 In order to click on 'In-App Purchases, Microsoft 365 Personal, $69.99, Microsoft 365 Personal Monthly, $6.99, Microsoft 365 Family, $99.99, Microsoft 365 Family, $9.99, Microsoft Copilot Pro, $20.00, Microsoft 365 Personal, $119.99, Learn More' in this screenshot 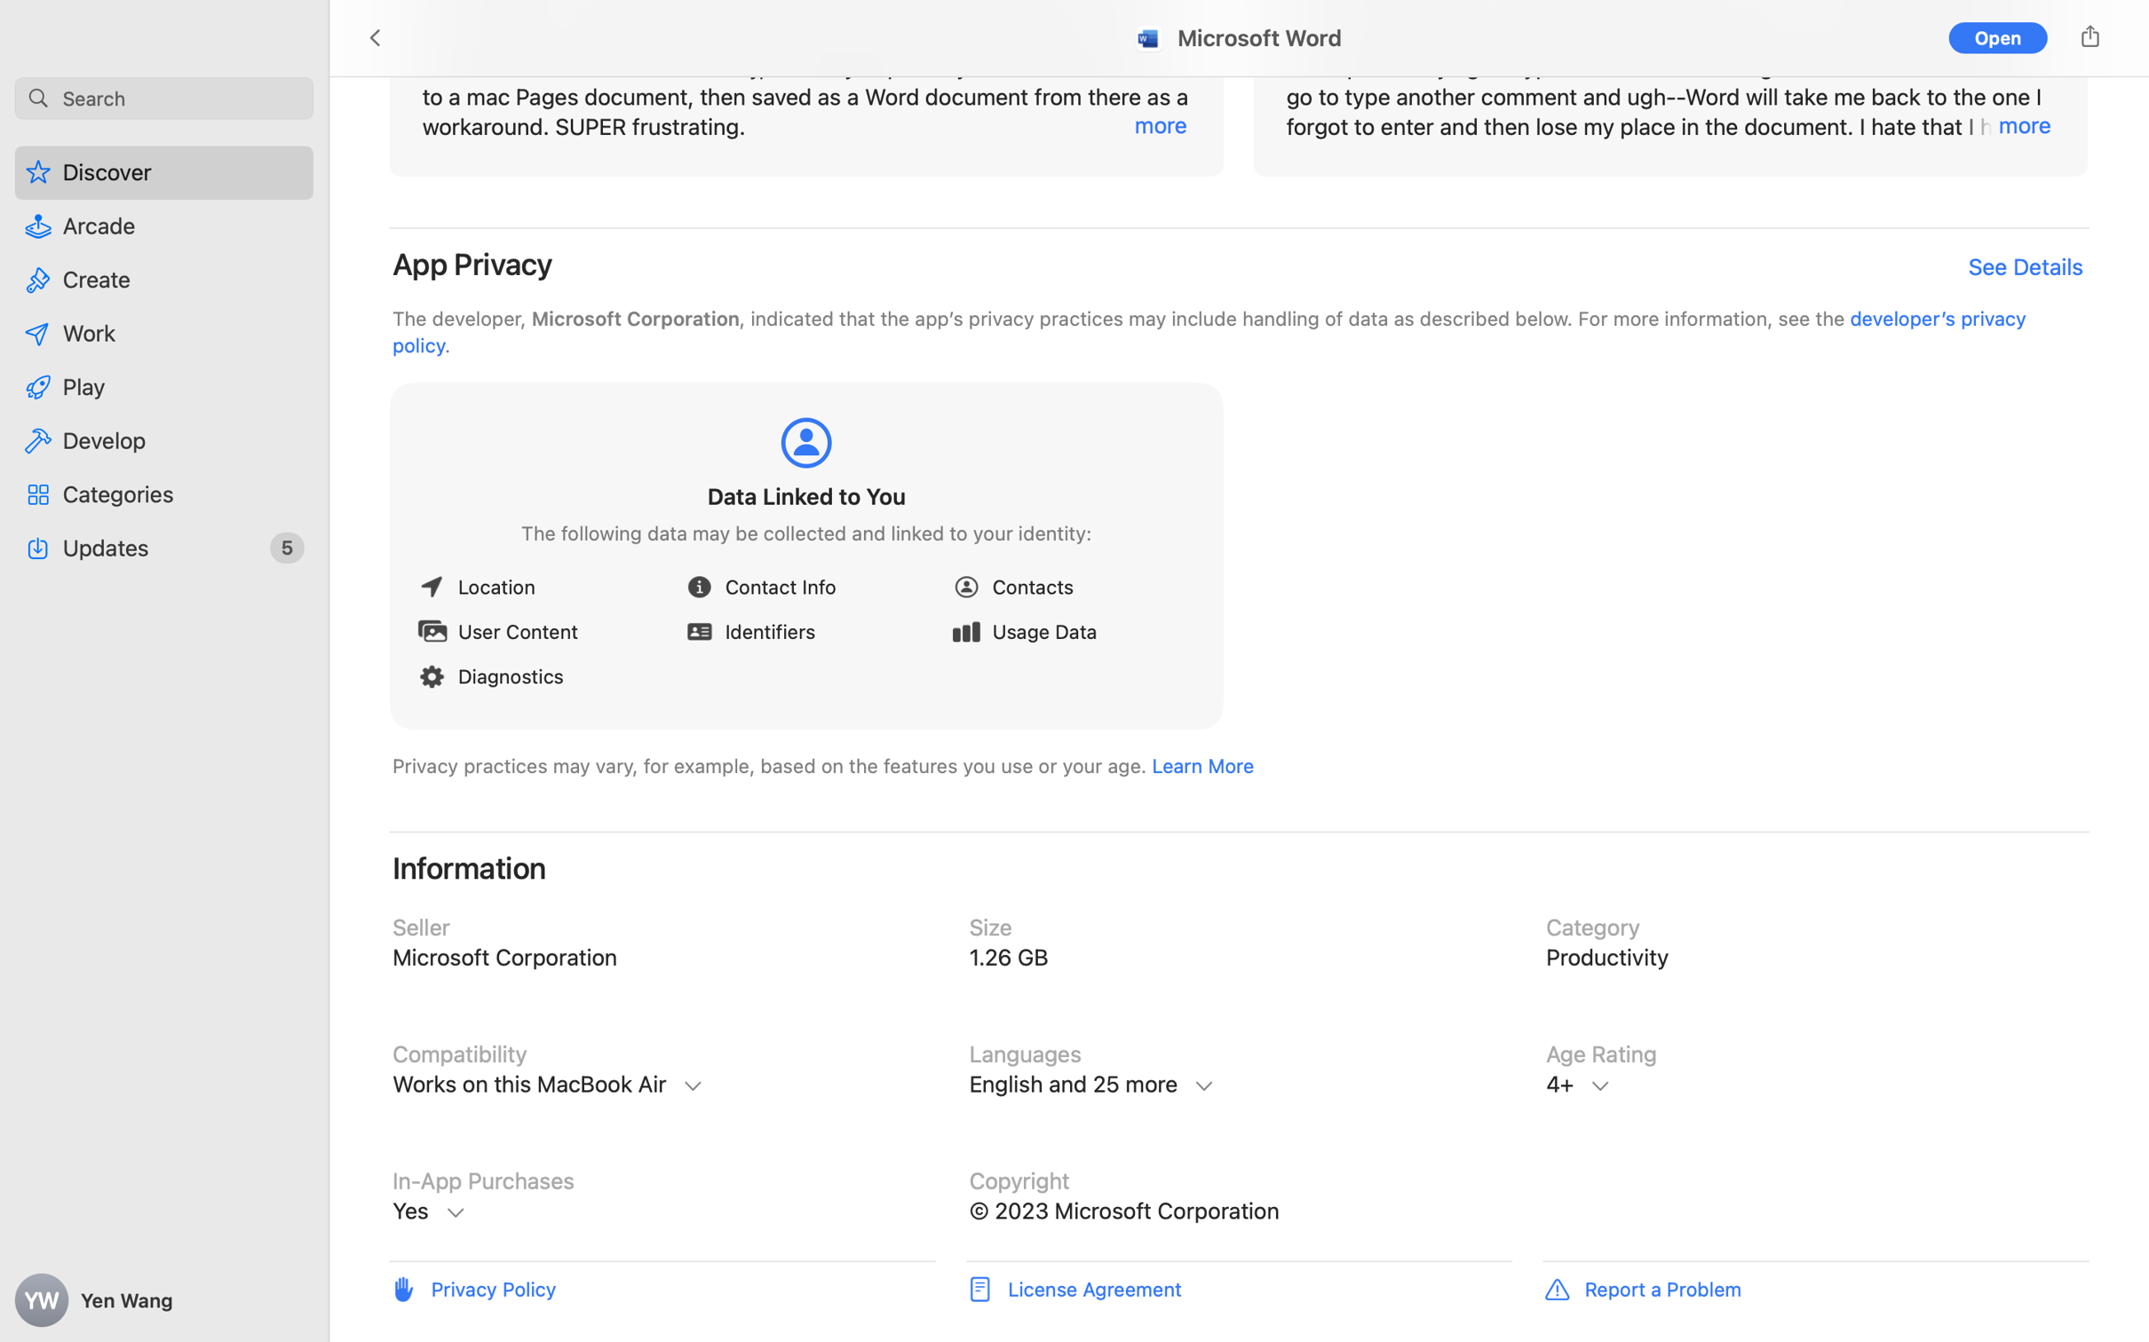, I will do `click(661, 1211)`.